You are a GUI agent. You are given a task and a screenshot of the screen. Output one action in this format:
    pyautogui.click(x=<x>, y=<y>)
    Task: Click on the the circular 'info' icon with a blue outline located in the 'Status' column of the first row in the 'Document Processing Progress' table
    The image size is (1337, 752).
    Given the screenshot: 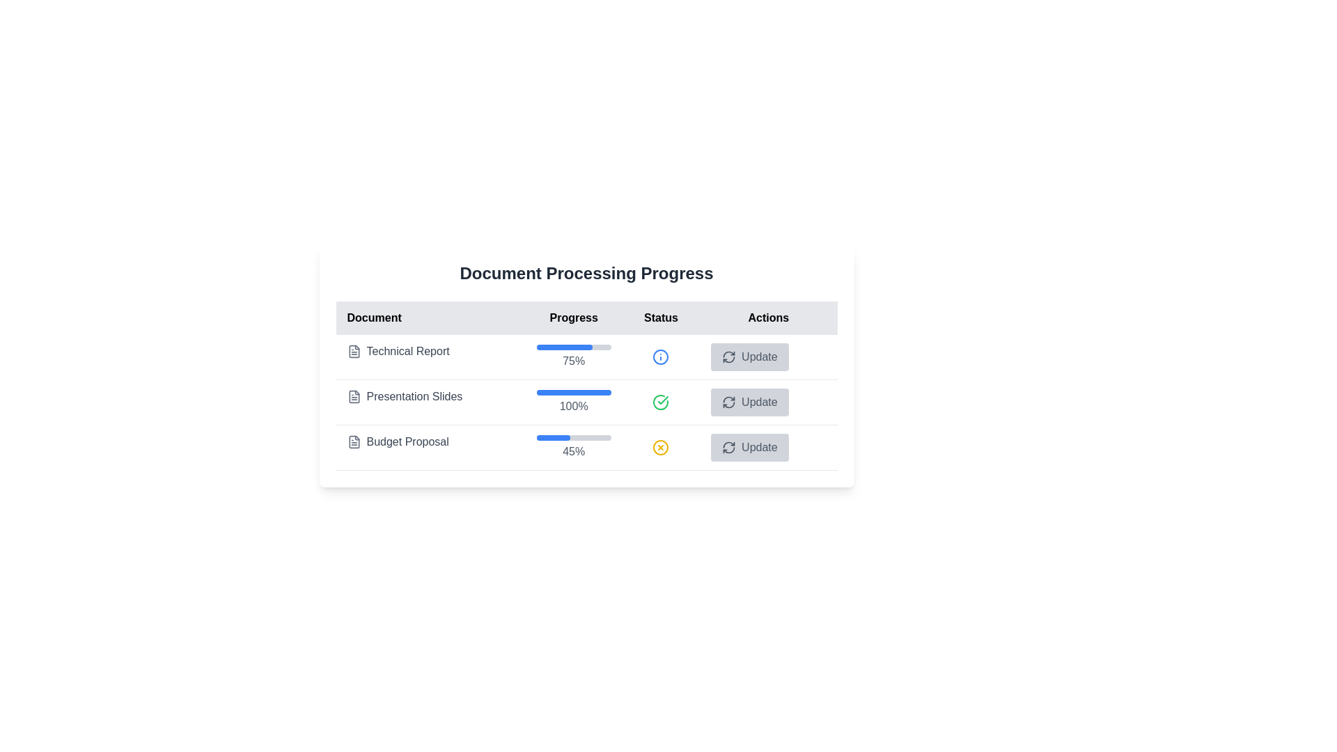 What is the action you would take?
    pyautogui.click(x=660, y=357)
    